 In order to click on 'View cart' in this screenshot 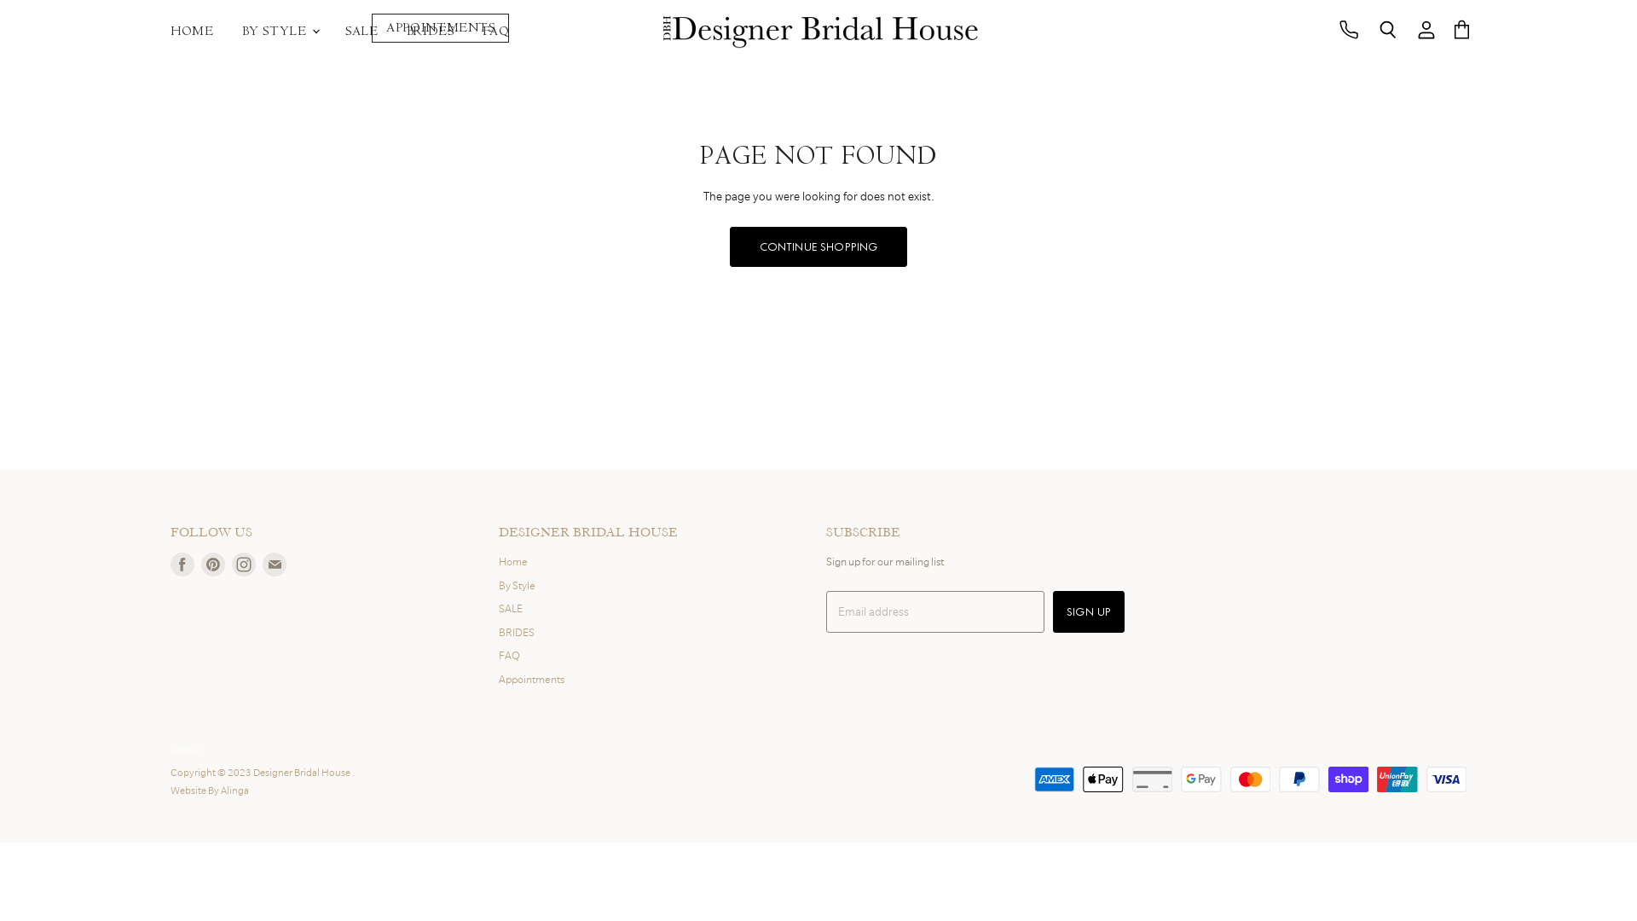, I will do `click(1461, 30)`.